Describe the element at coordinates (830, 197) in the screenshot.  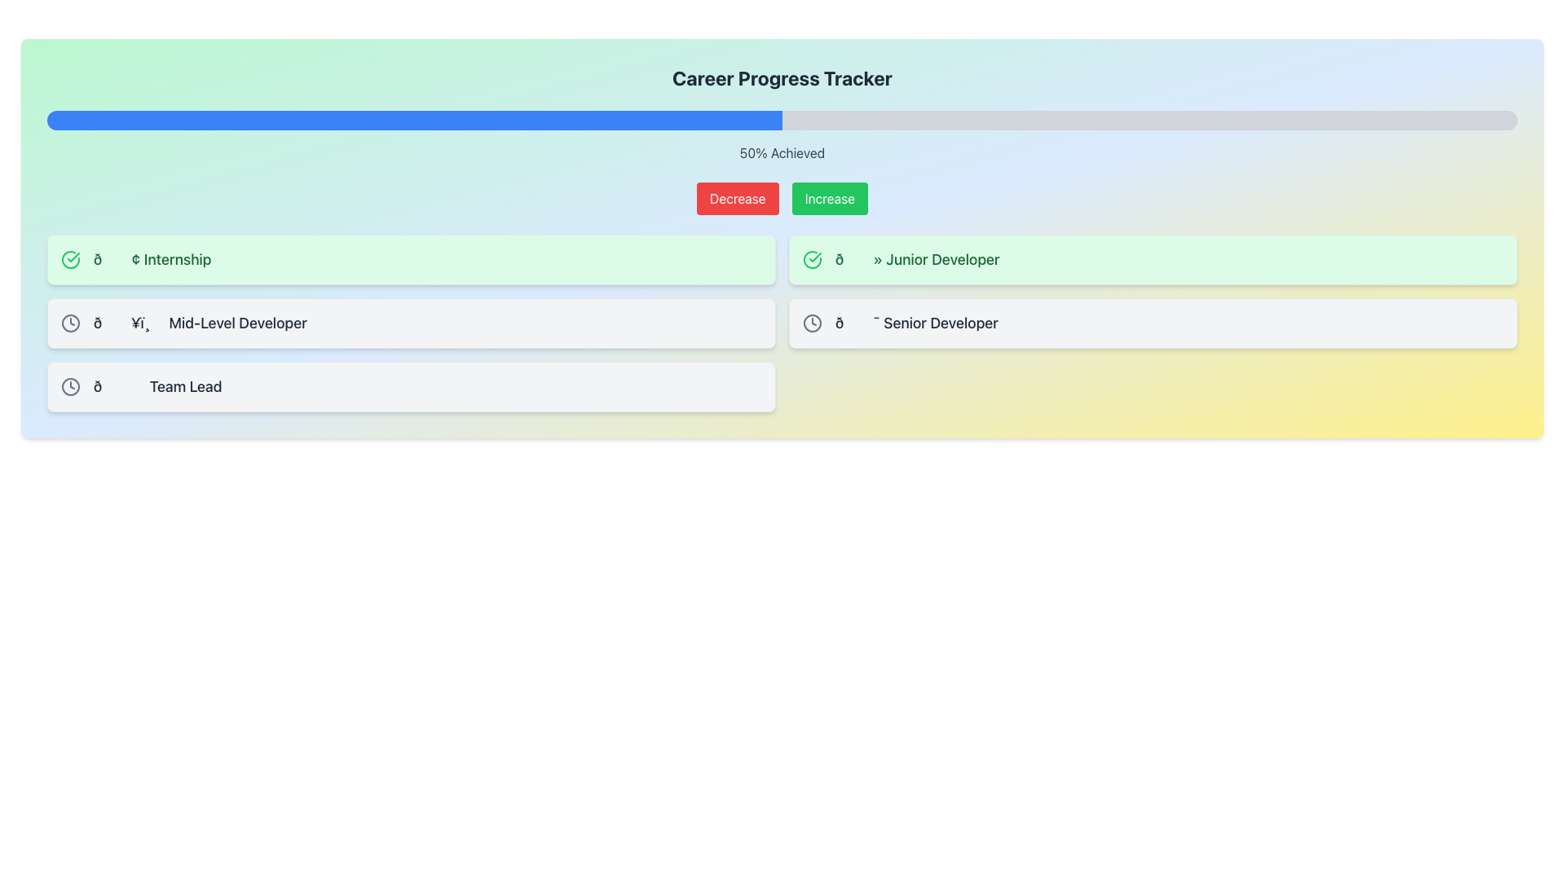
I see `the green button labeled 'Increase'` at that location.